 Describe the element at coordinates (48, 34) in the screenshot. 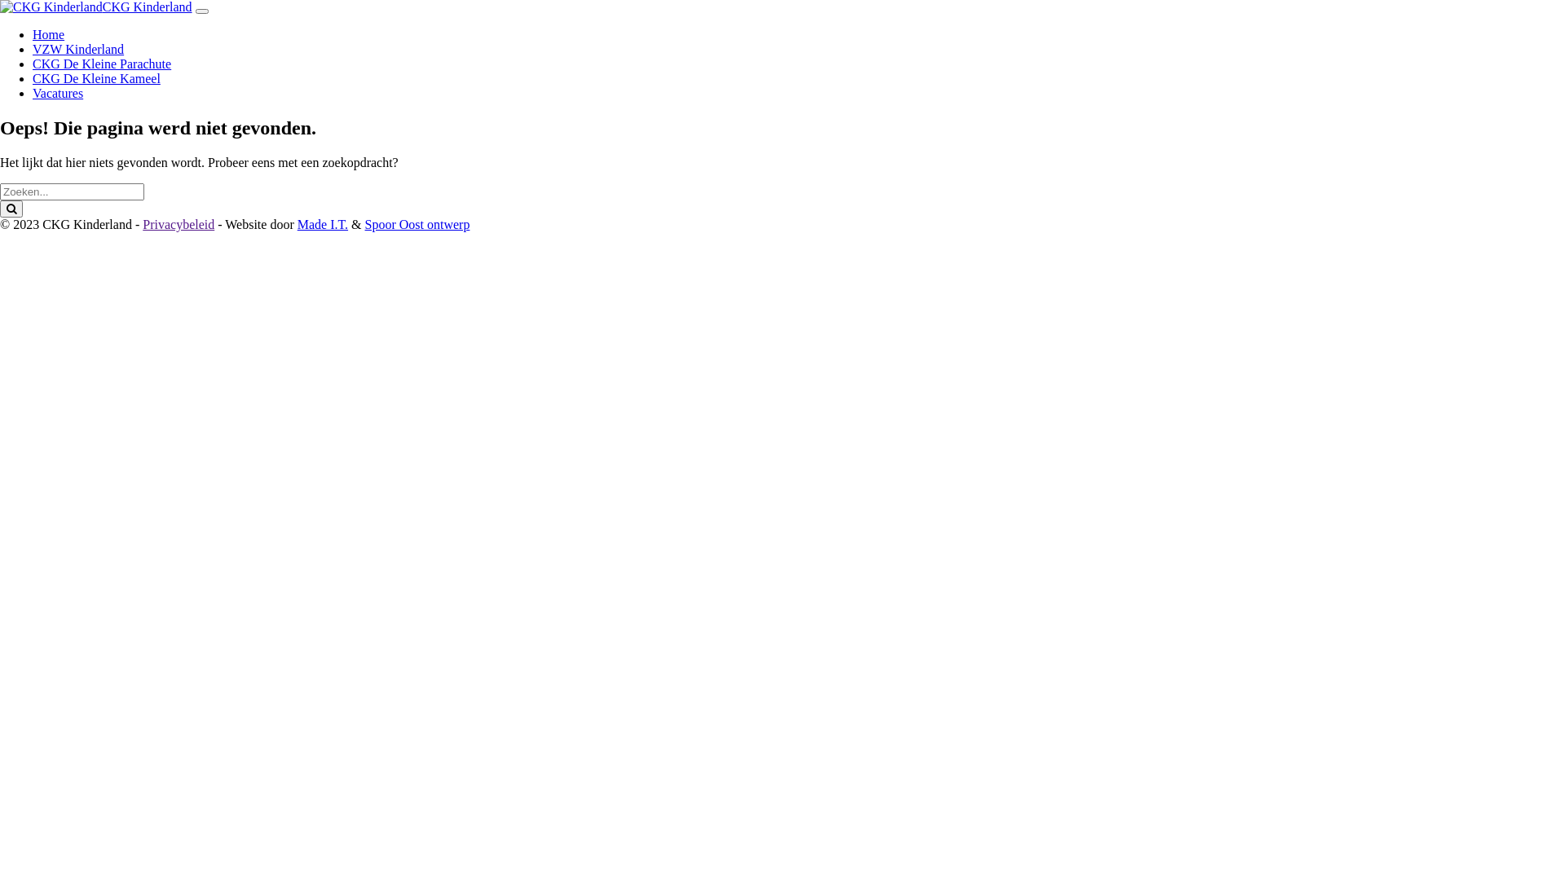

I see `'Home'` at that location.